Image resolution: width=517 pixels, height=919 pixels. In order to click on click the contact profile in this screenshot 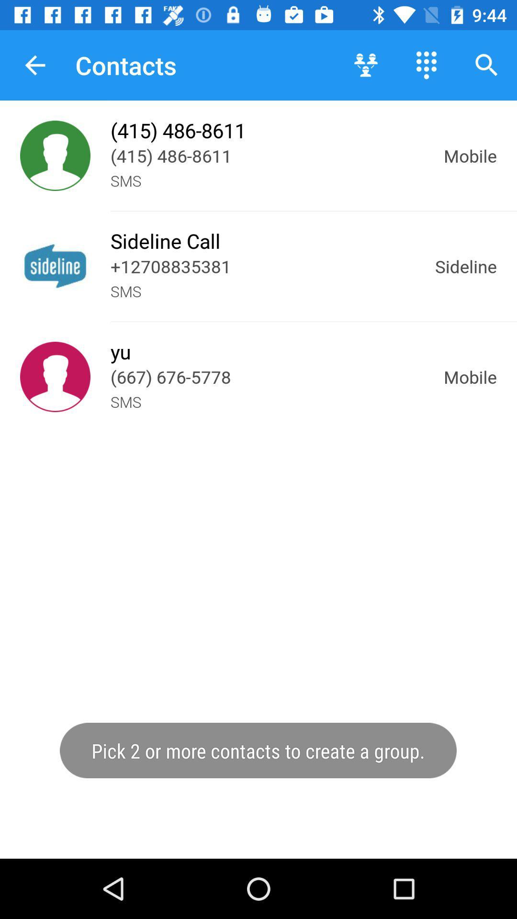, I will do `click(55, 376)`.